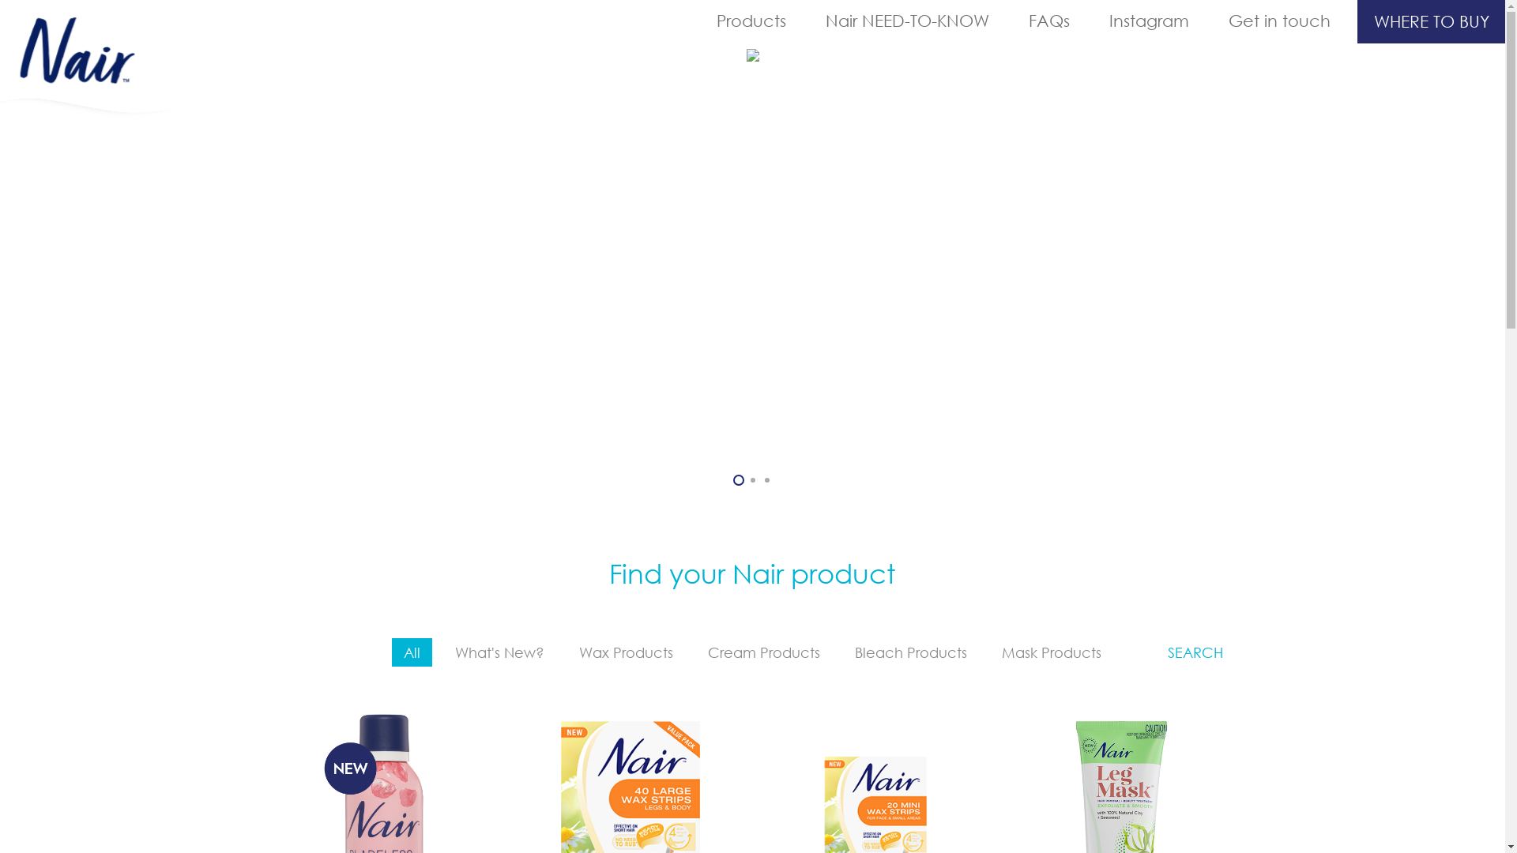  Describe the element at coordinates (1051, 652) in the screenshot. I see `'Mask Products'` at that location.